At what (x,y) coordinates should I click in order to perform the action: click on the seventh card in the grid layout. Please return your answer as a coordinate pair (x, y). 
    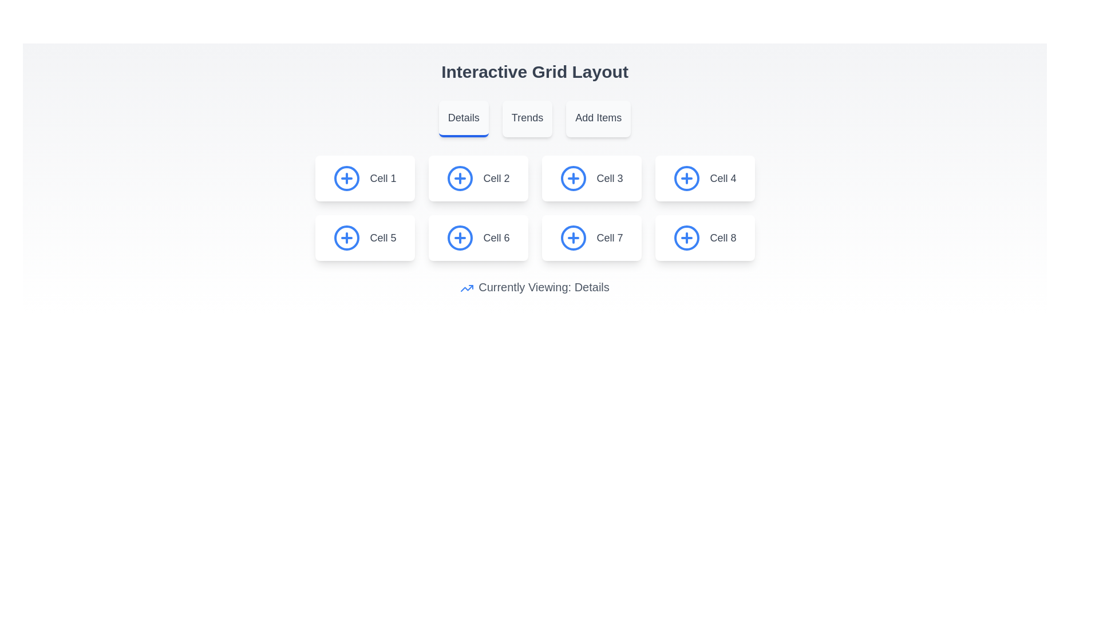
    Looking at the image, I should click on (591, 237).